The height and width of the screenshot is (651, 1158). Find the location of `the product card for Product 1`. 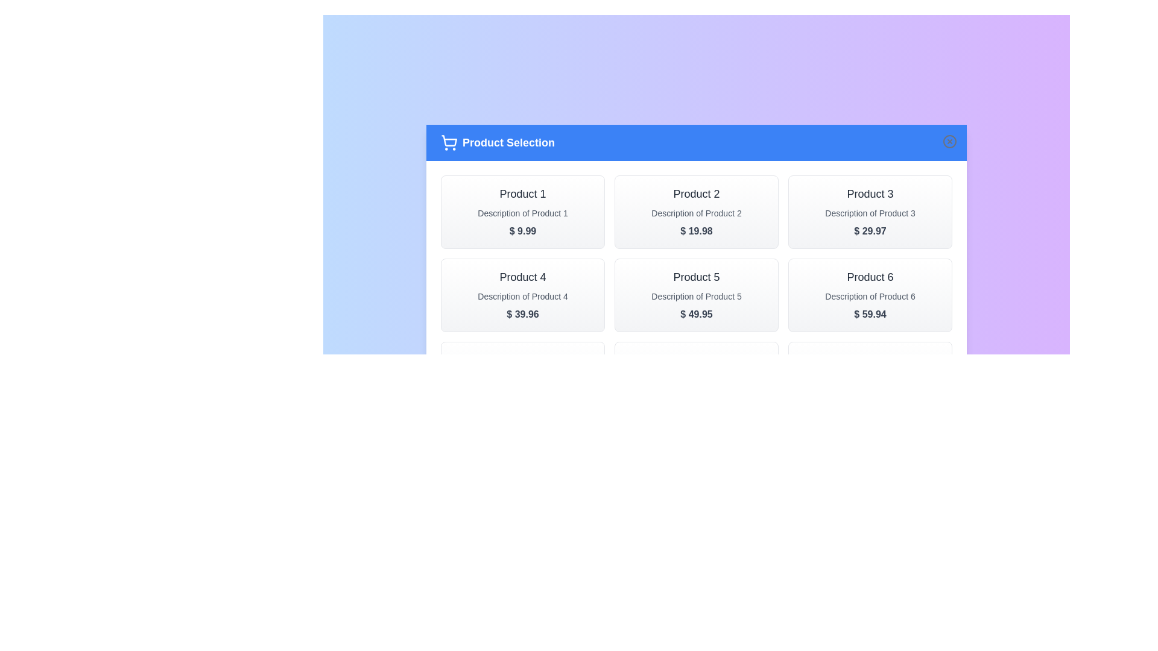

the product card for Product 1 is located at coordinates (523, 211).